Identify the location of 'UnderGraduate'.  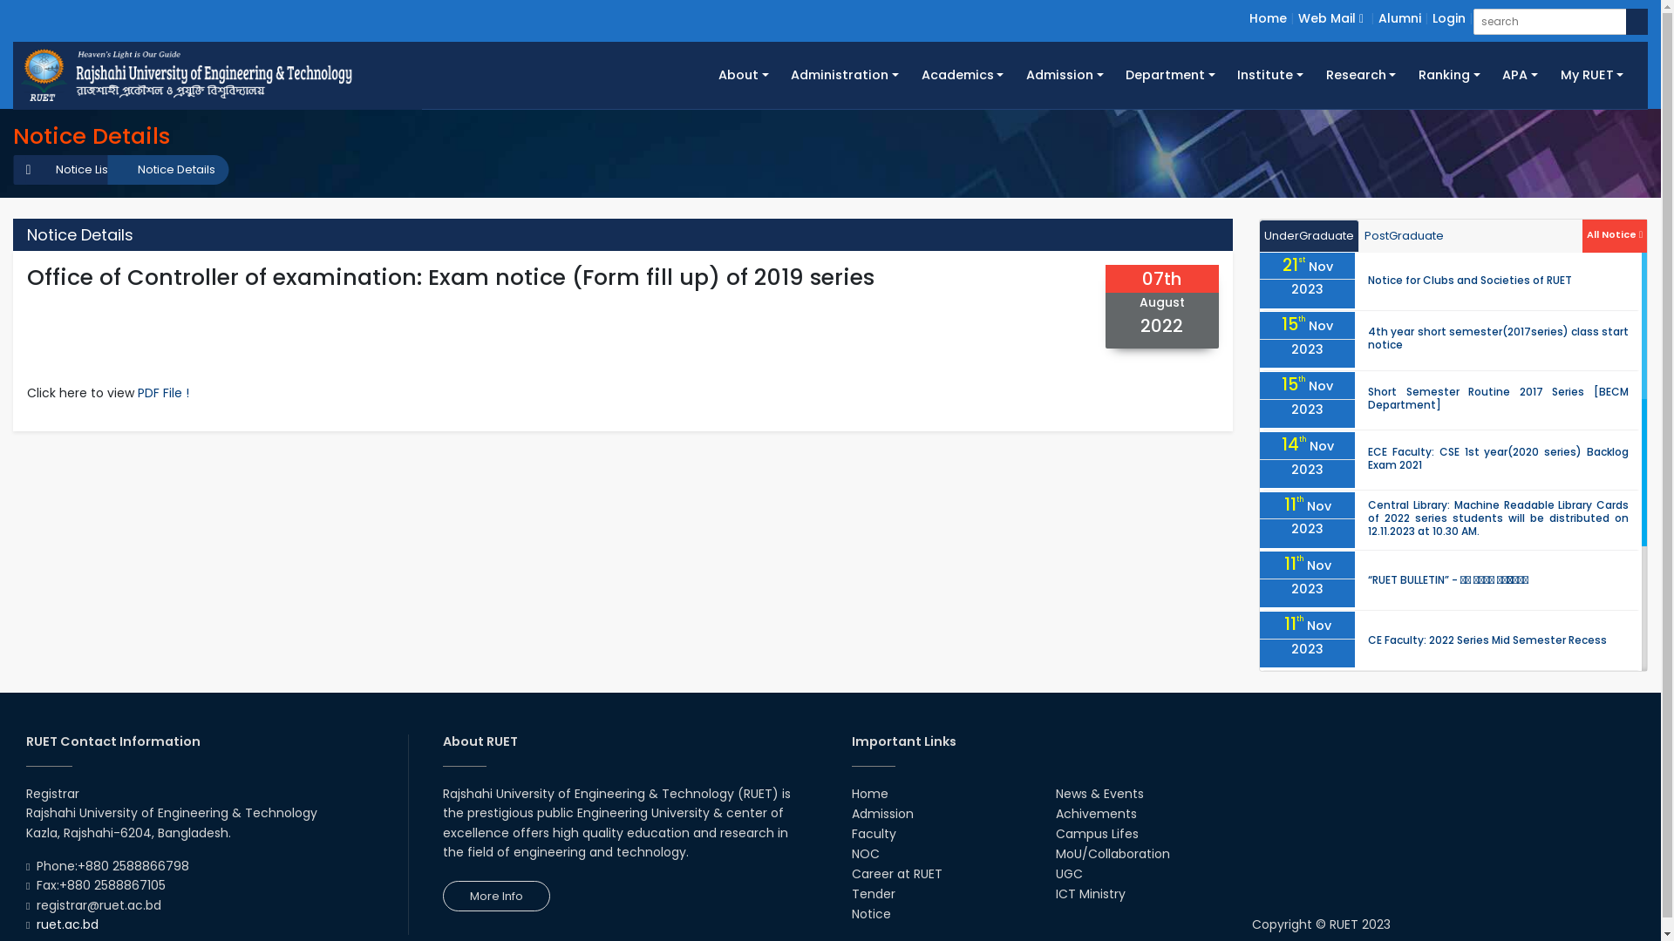
(1310, 236).